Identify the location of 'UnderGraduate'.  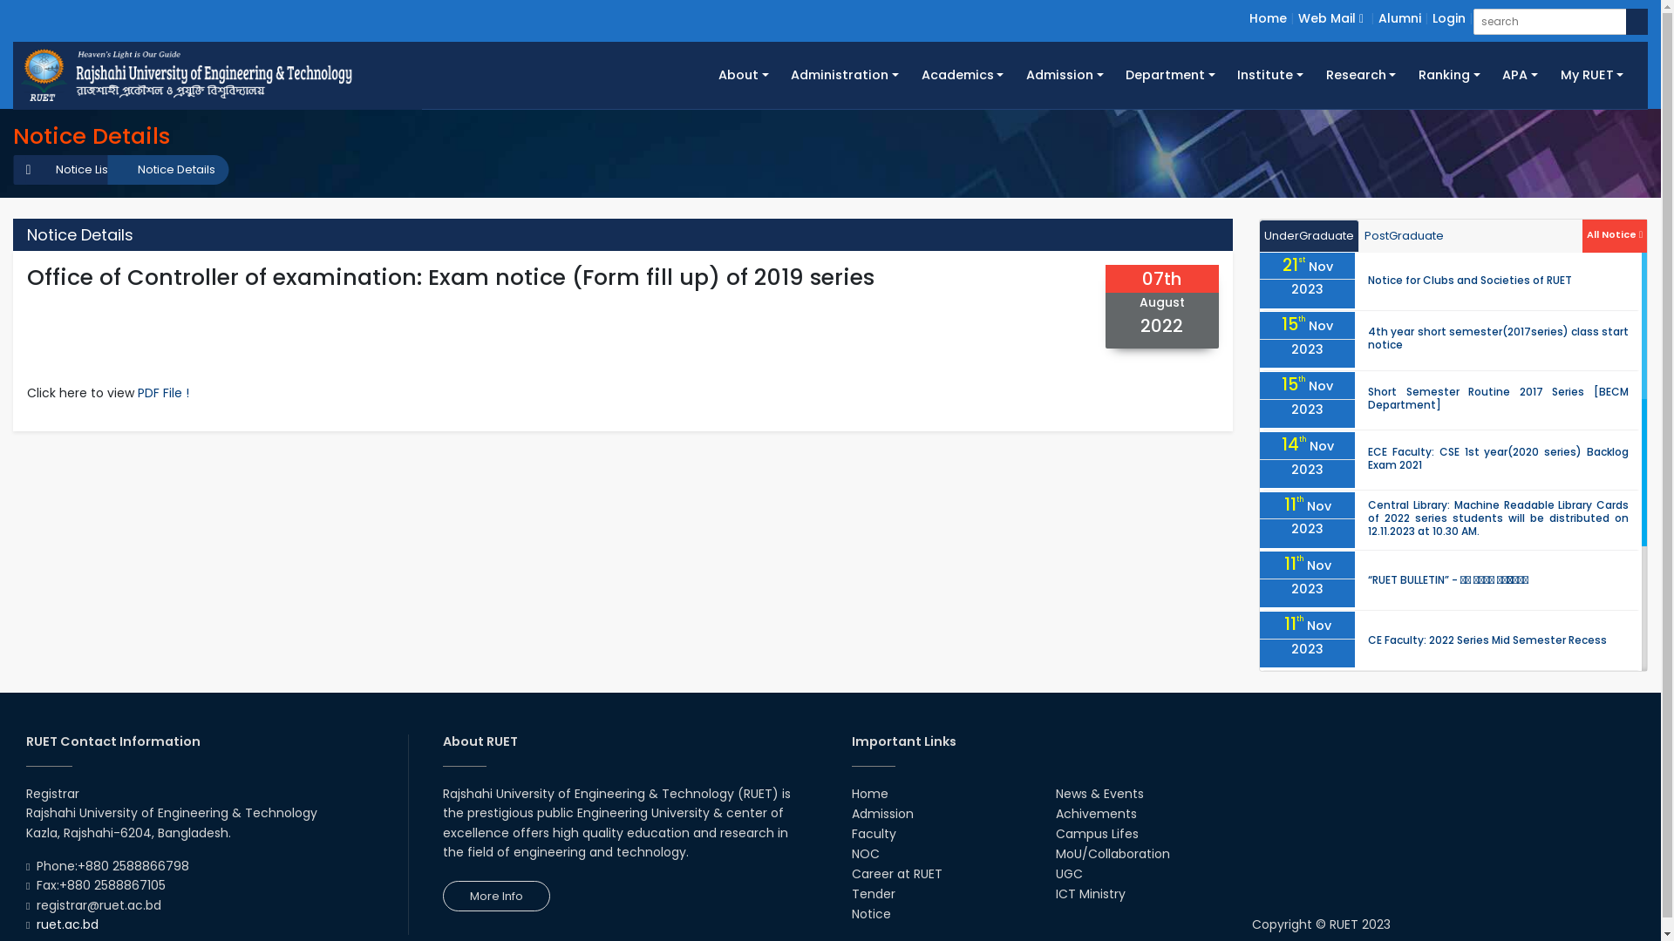
(1310, 236).